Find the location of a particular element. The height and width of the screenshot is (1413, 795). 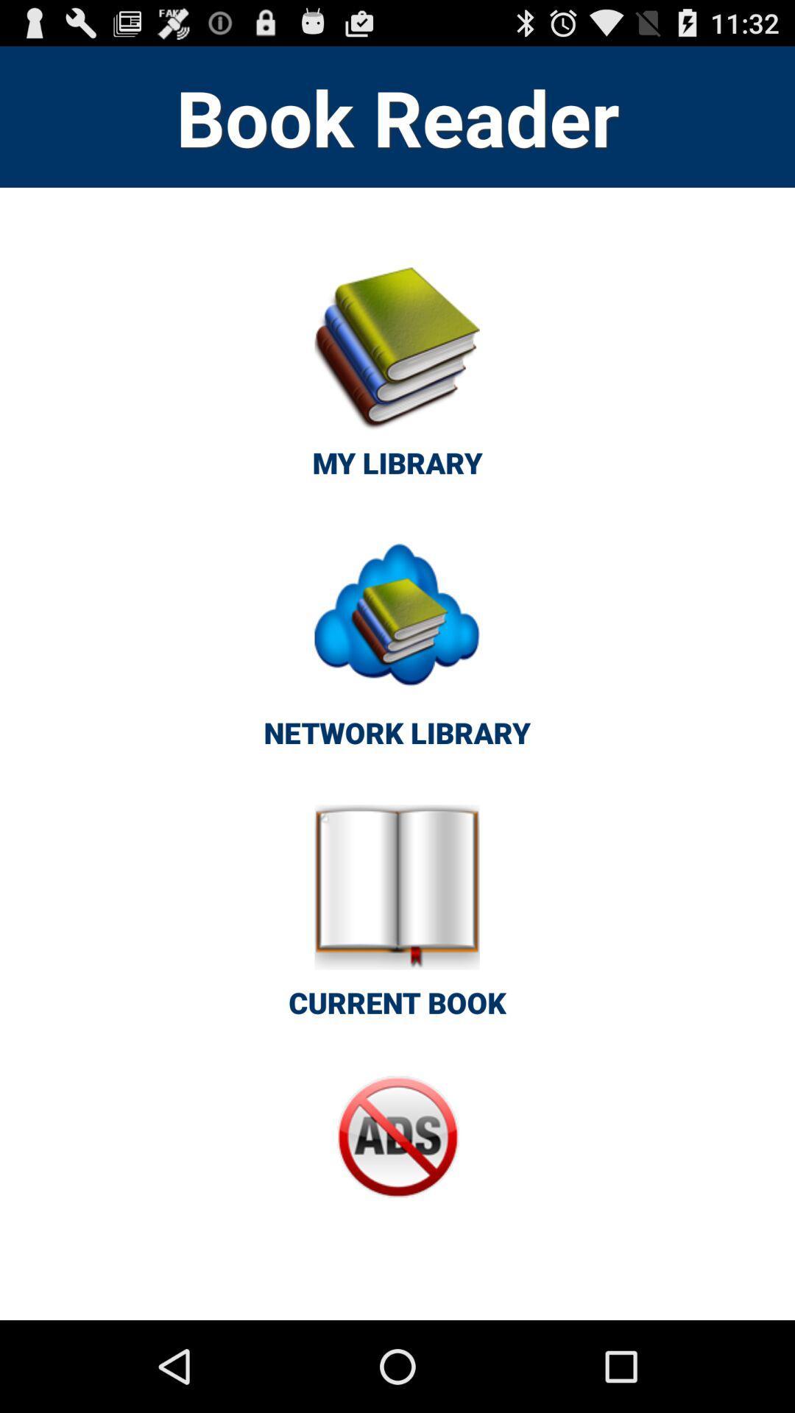

my library button is located at coordinates (397, 380).